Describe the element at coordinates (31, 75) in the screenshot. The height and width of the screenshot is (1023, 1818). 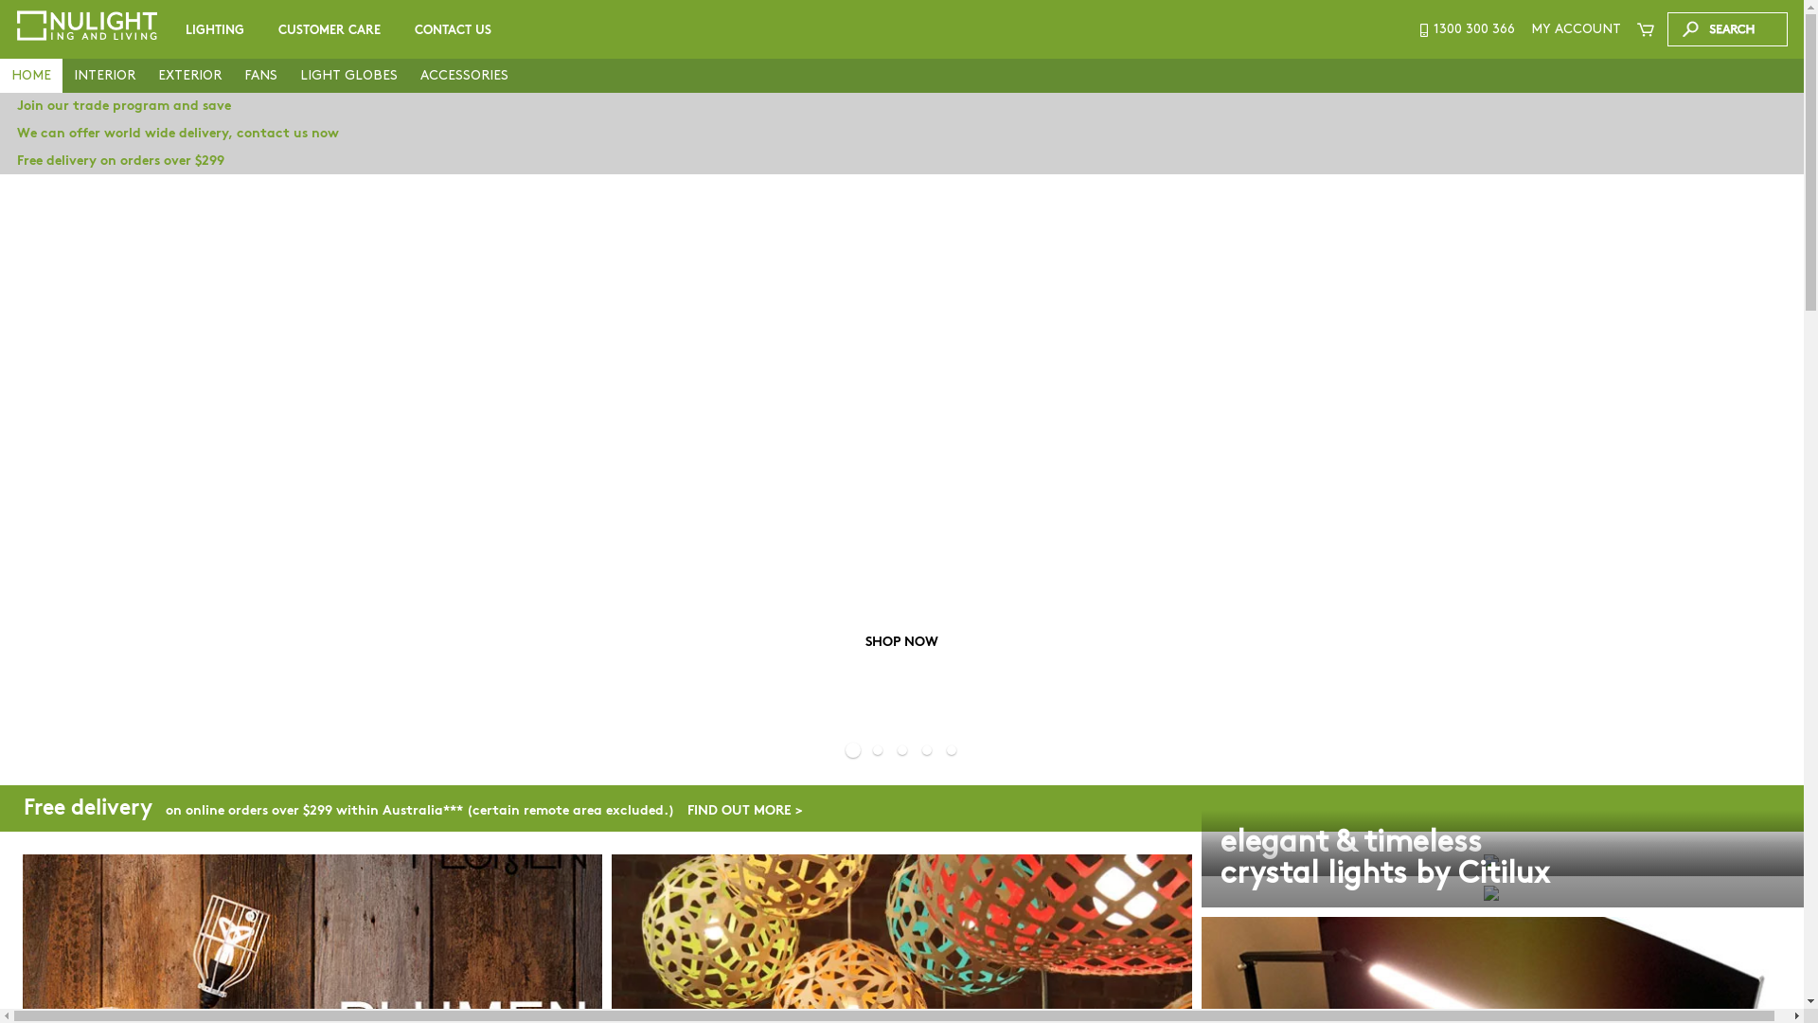
I see `'HOME'` at that location.